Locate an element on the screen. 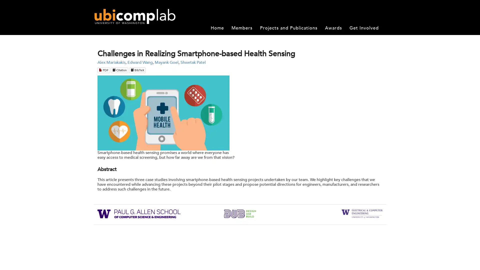 The height and width of the screenshot is (270, 480). Citation is located at coordinates (119, 70).